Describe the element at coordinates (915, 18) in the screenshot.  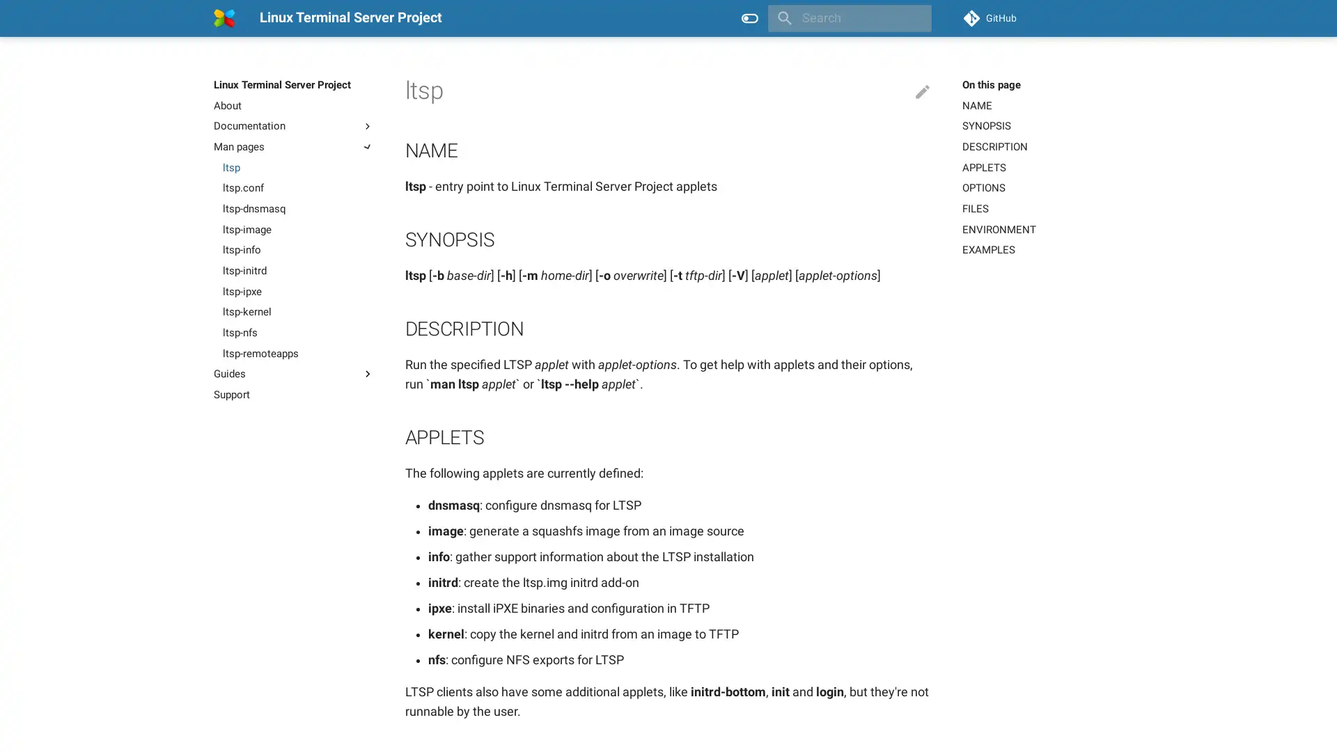
I see `Clear` at that location.